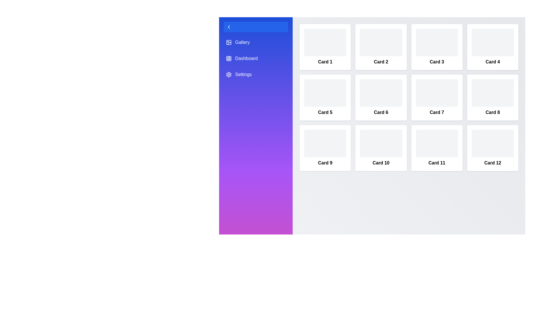 Image resolution: width=552 pixels, height=310 pixels. I want to click on the sidebar item labeled Settings, so click(255, 74).